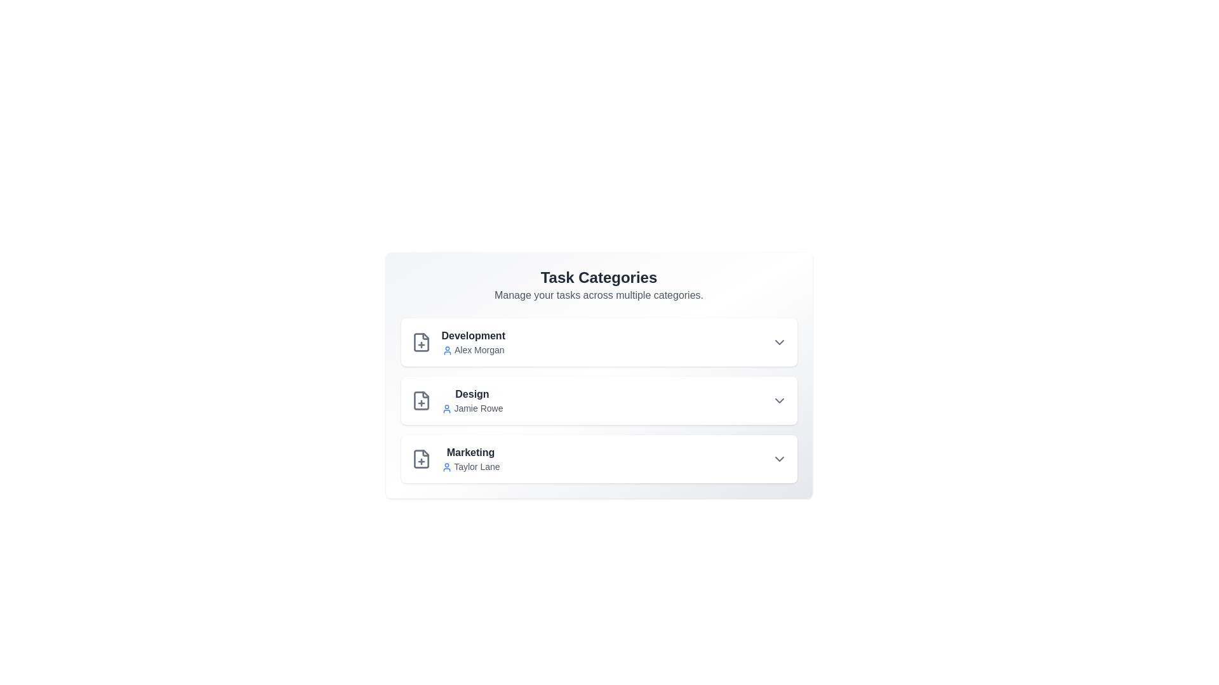 The image size is (1219, 685). Describe the element at coordinates (778, 342) in the screenshot. I see `the dropdown arrow for Development to view more options` at that location.